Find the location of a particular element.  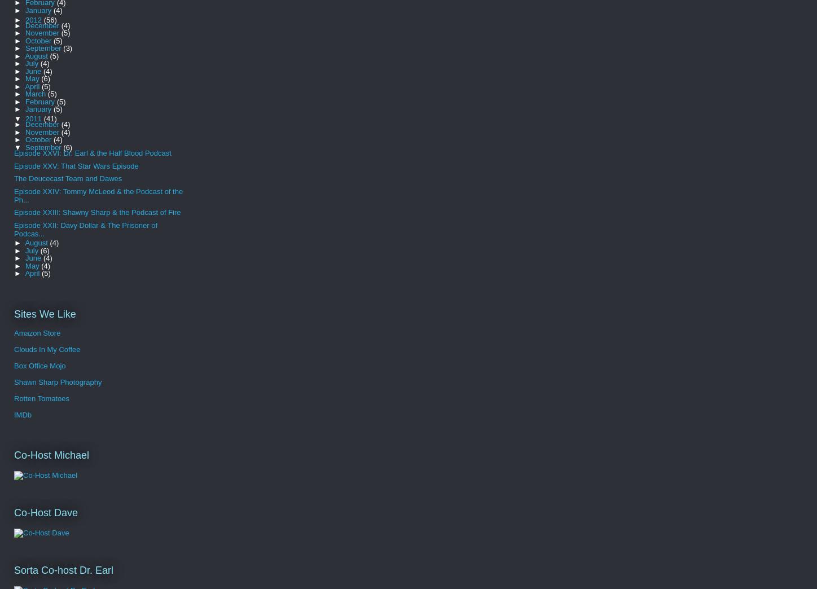

'February' is located at coordinates (25, 100).